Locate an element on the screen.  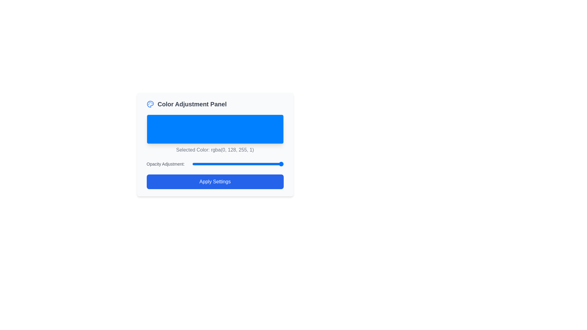
the text element displaying 'Selected Color: rgba(0, 128, 255, 1)', which is located below the blue color preview box in the 'Color Adjustment Panel' is located at coordinates (215, 150).